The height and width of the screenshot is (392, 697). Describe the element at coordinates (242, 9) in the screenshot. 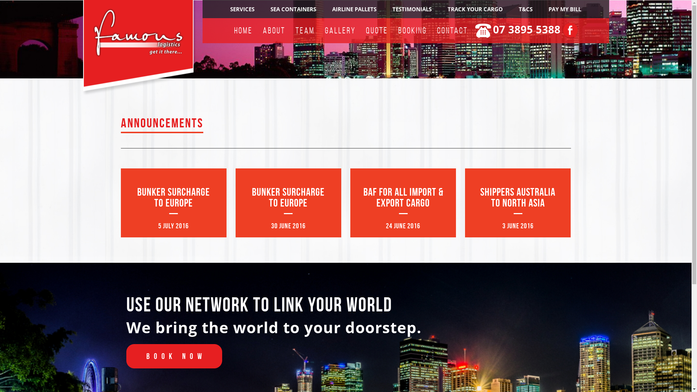

I see `'SERVICES'` at that location.